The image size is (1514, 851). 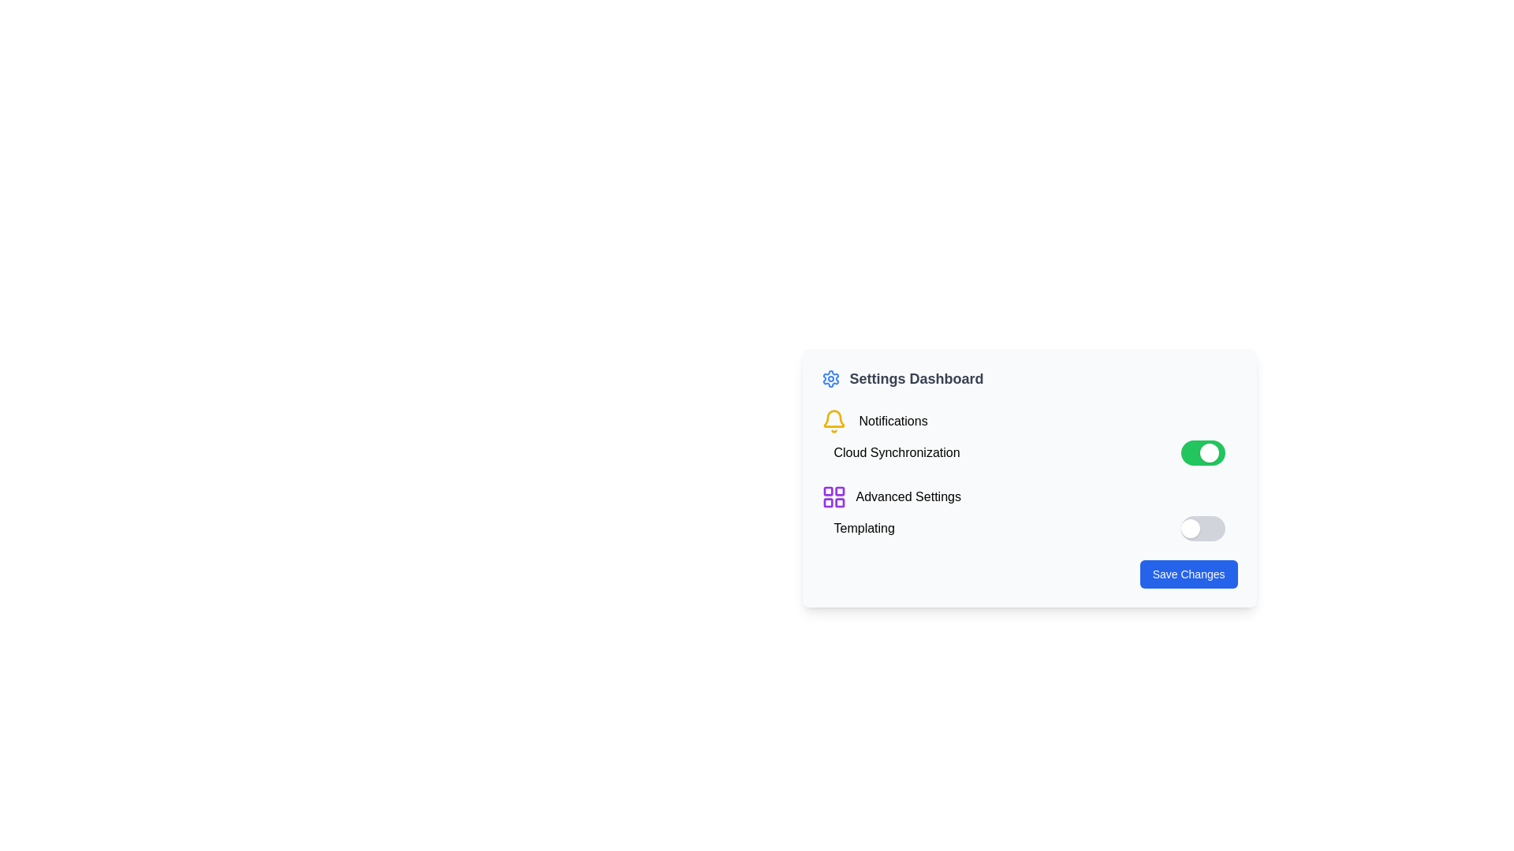 I want to click on the small circular Toggle Switch Handle located at the leftmost side of the toggle switch control below the 'Advanced Settings' text, so click(x=1190, y=529).